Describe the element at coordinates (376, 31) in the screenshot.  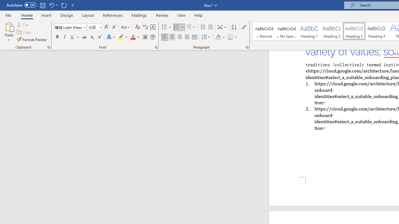
I see `'Heading 4'` at that location.